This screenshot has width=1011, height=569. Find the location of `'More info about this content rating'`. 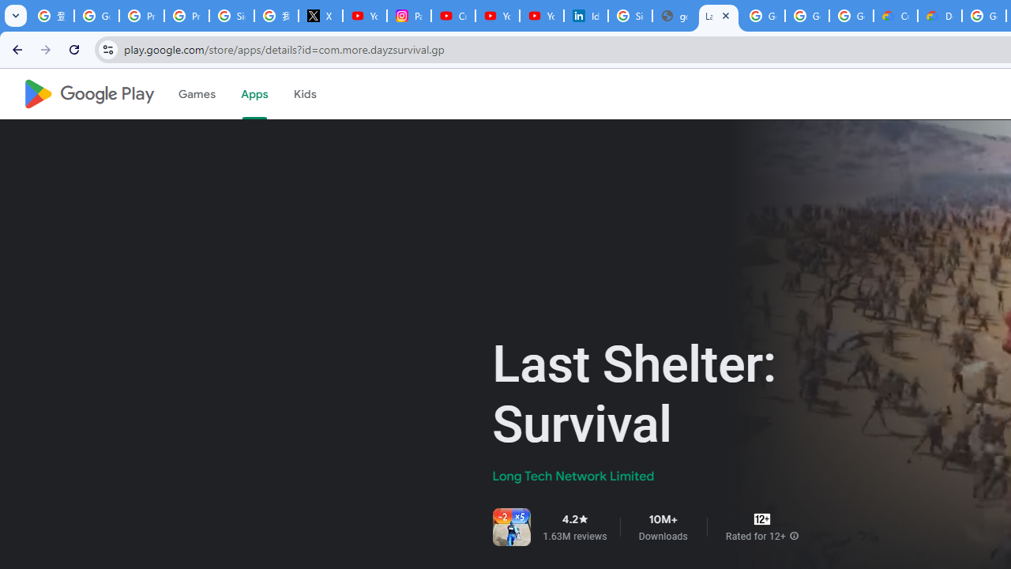

'More info about this content rating' is located at coordinates (794, 535).